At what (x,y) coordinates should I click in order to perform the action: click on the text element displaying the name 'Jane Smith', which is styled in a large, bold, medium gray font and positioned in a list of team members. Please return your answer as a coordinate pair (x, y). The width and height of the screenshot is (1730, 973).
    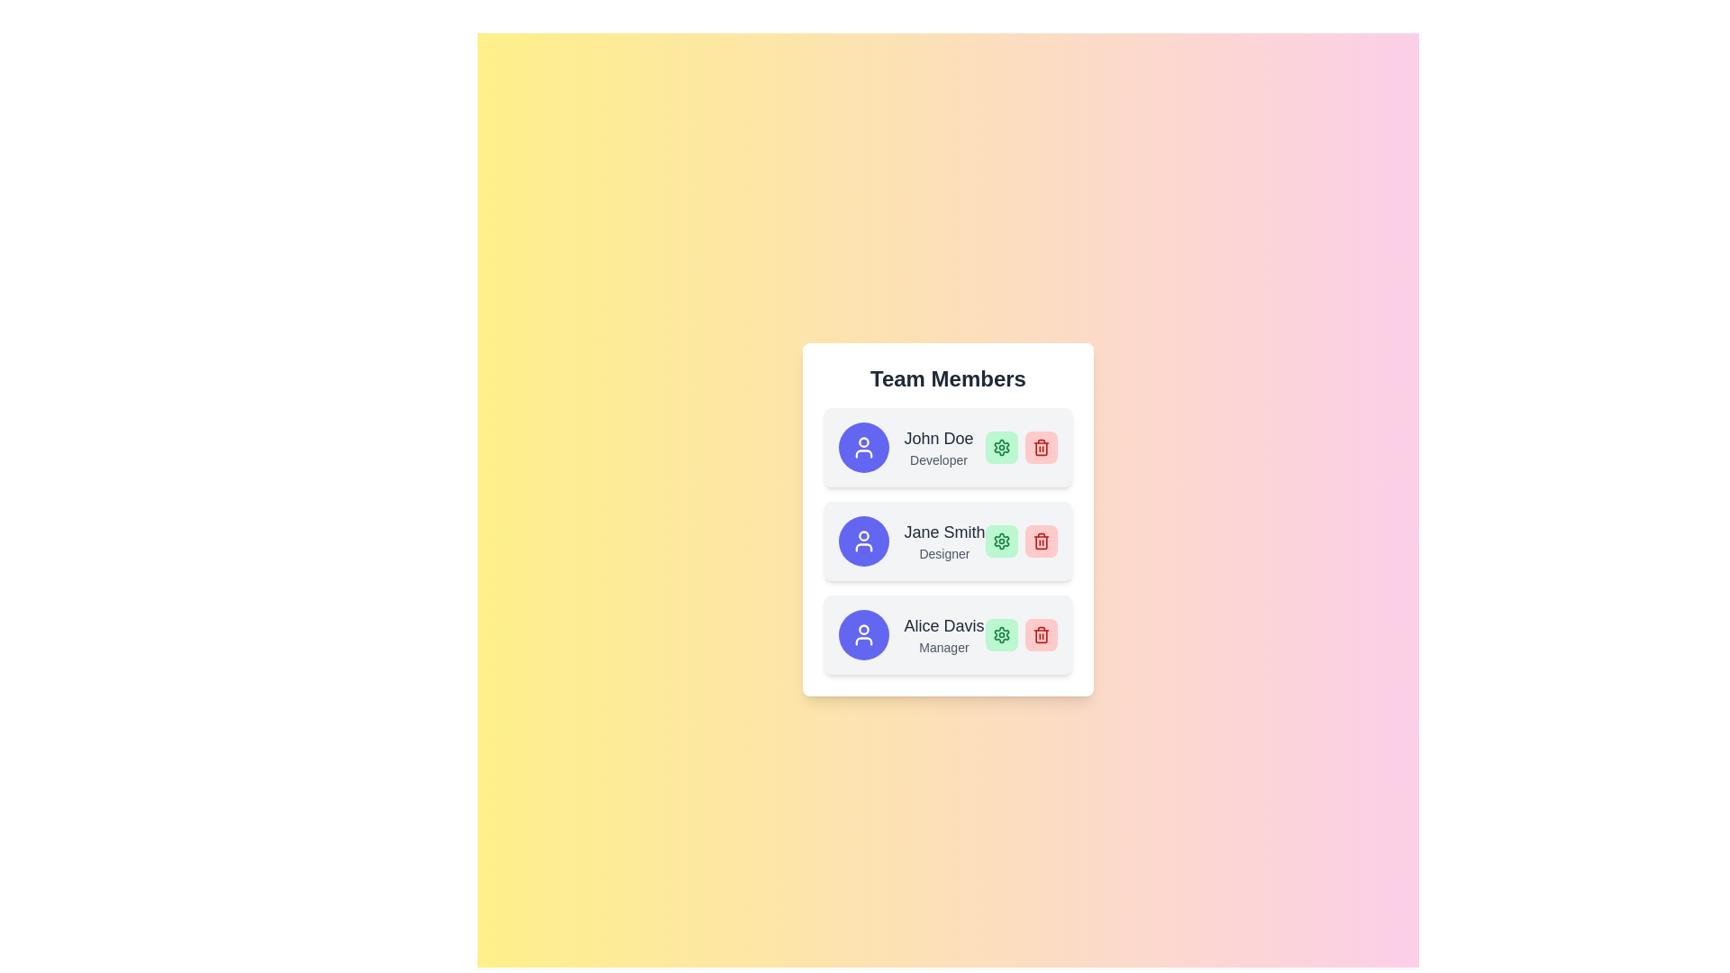
    Looking at the image, I should click on (943, 531).